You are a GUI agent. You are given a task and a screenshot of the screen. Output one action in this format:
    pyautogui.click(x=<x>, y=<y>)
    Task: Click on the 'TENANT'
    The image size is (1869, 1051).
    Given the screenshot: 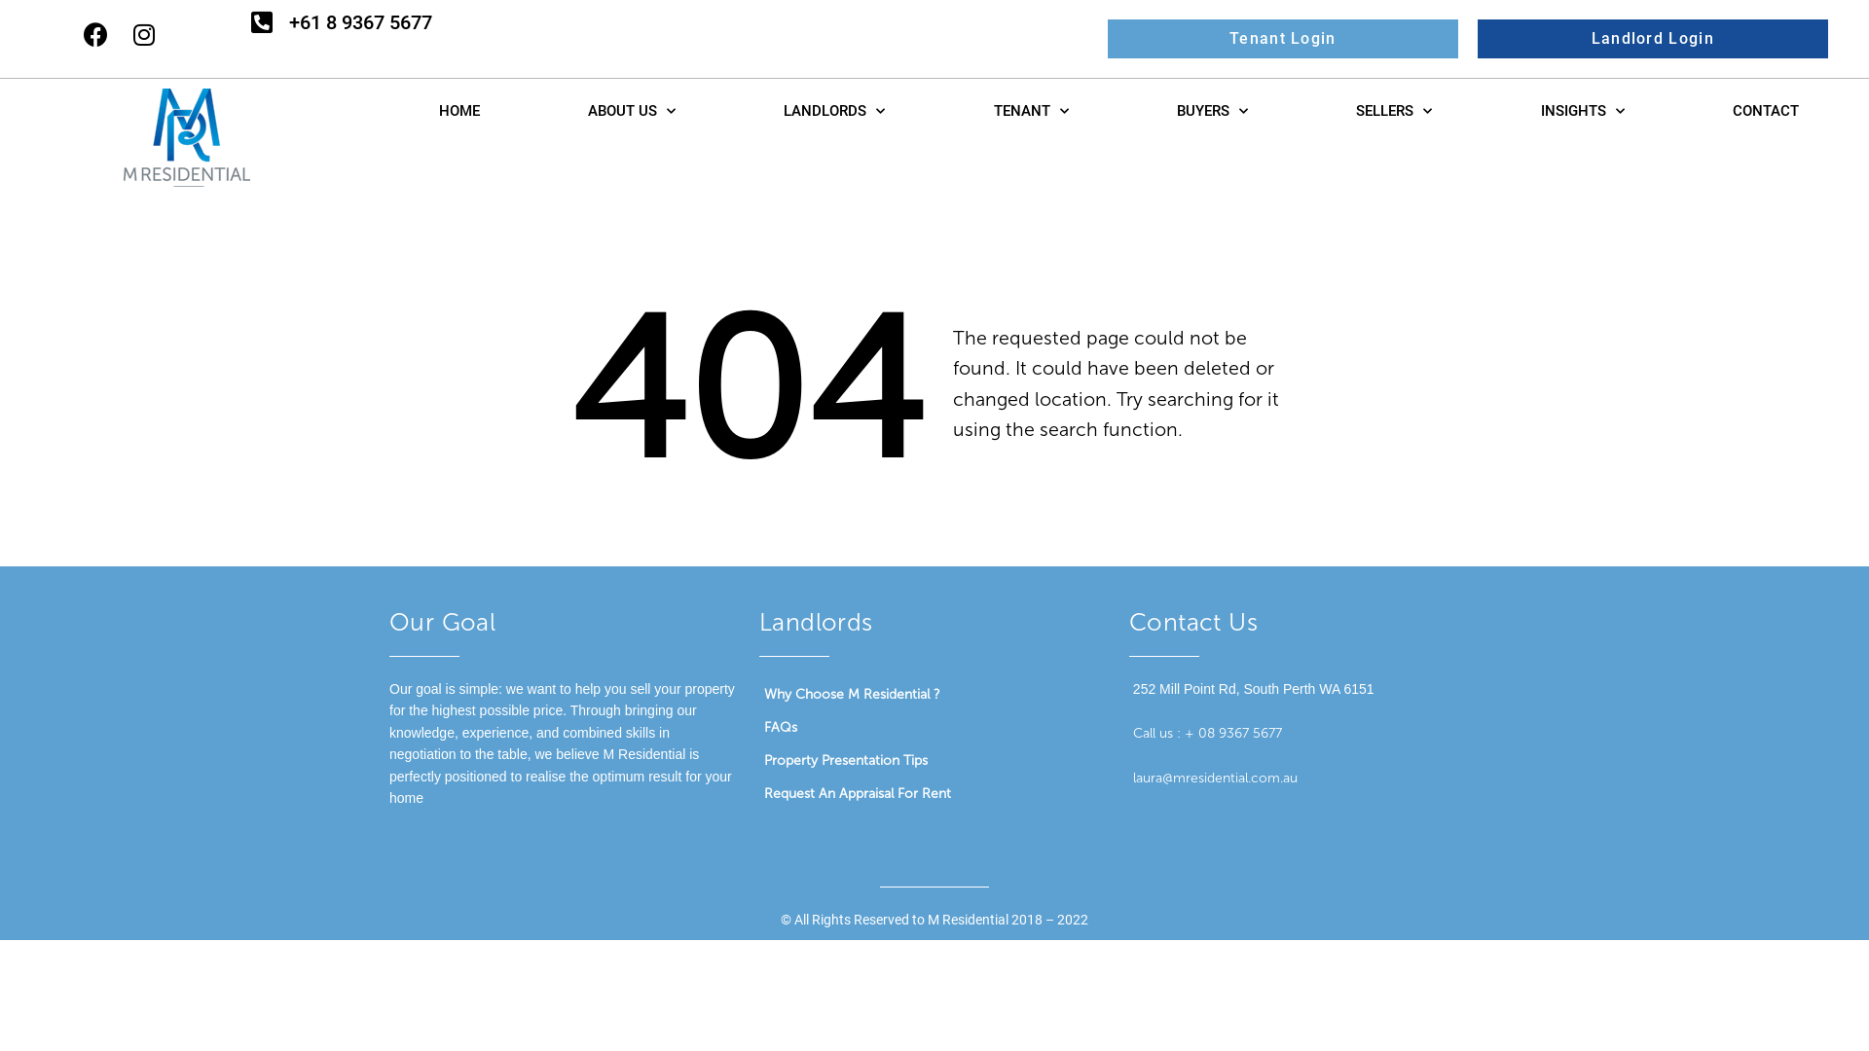 What is the action you would take?
    pyautogui.click(x=938, y=111)
    